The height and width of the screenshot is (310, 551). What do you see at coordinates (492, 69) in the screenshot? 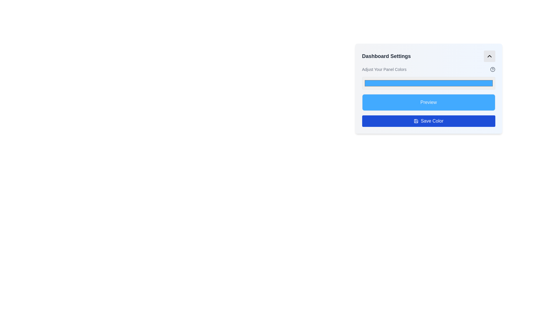
I see `the help icon located to the far right of the 'Adjust Your Panel Colors' text` at bounding box center [492, 69].